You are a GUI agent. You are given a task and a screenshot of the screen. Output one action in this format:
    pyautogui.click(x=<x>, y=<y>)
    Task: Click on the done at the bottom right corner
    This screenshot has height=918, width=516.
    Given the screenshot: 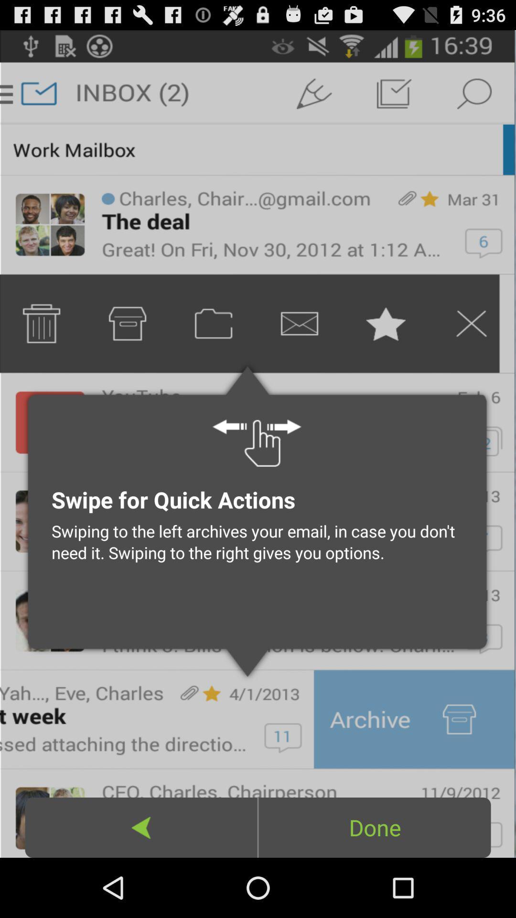 What is the action you would take?
    pyautogui.click(x=374, y=827)
    